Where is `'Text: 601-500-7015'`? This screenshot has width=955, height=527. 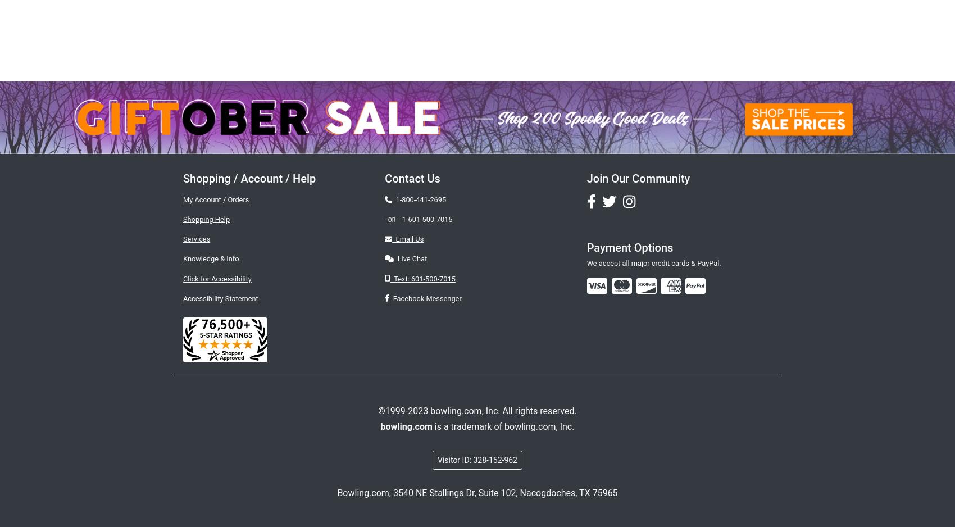
'Text: 601-500-7015' is located at coordinates (422, 278).